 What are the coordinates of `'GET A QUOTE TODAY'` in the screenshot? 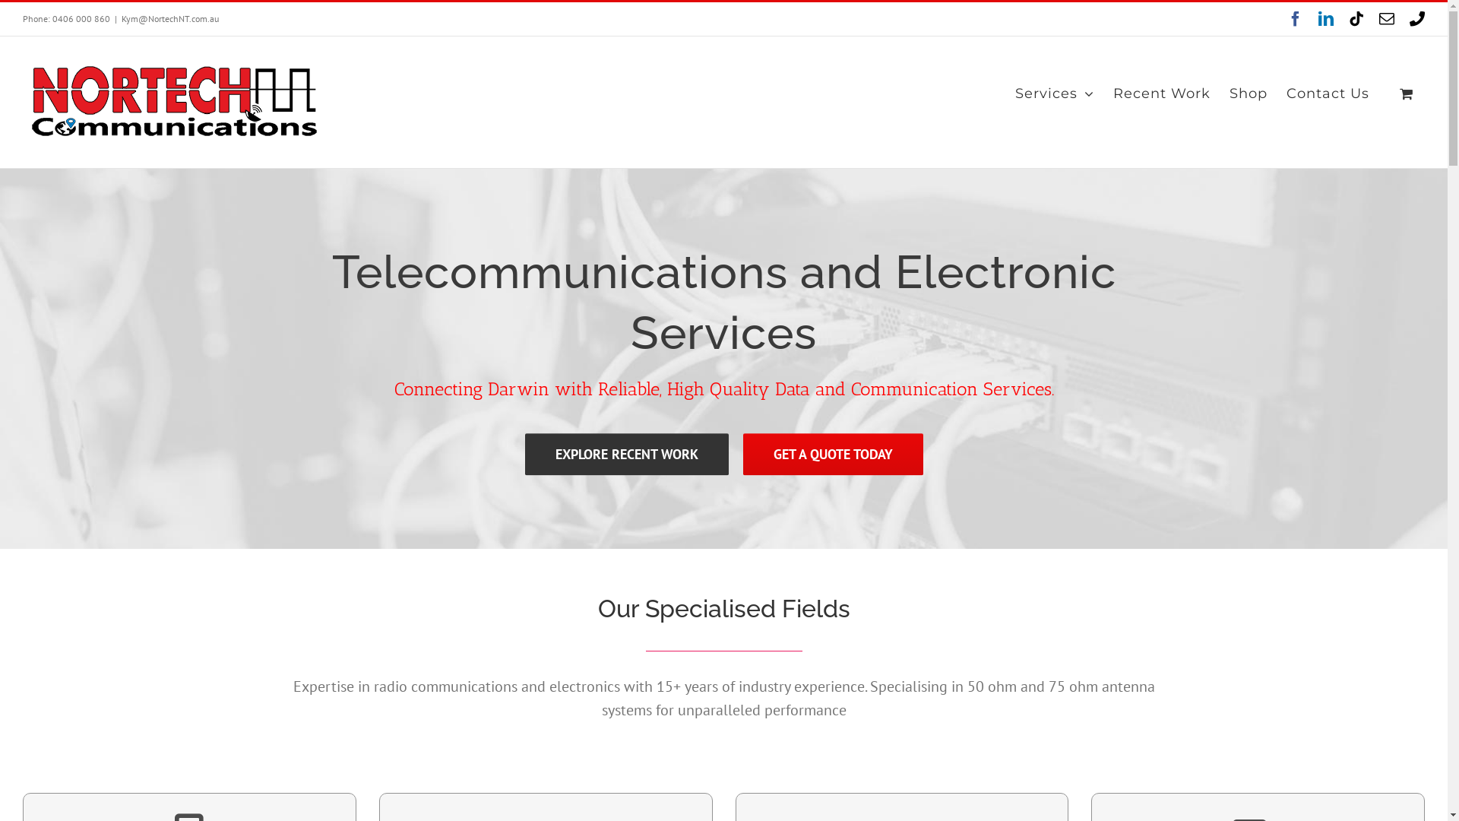 It's located at (743, 453).